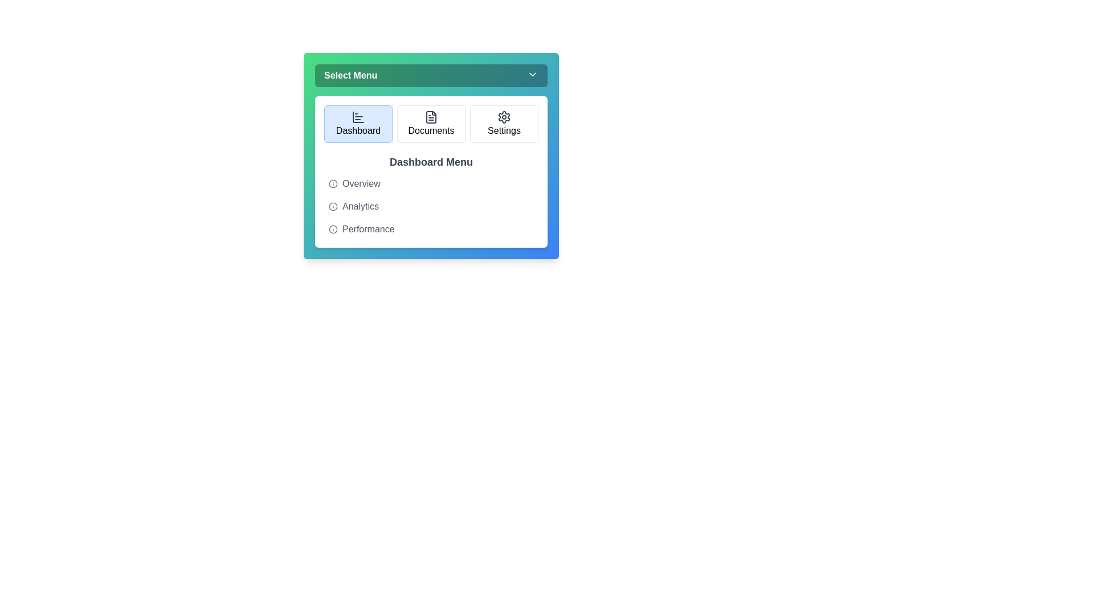  Describe the element at coordinates (357, 117) in the screenshot. I see `the 'Dashboard' button containing the gray bar chart icon` at that location.